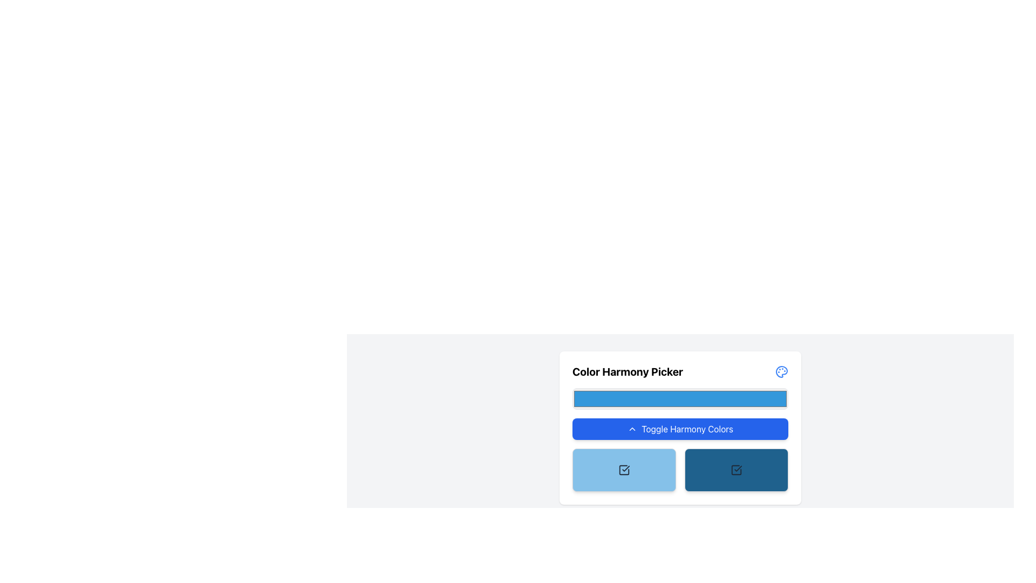 The image size is (1036, 583). Describe the element at coordinates (624, 470) in the screenshot. I see `small square icon with a tilted checkmark inside a light blue button located at the lower left of the Color Harmony Picker interface for additional metadata` at that location.